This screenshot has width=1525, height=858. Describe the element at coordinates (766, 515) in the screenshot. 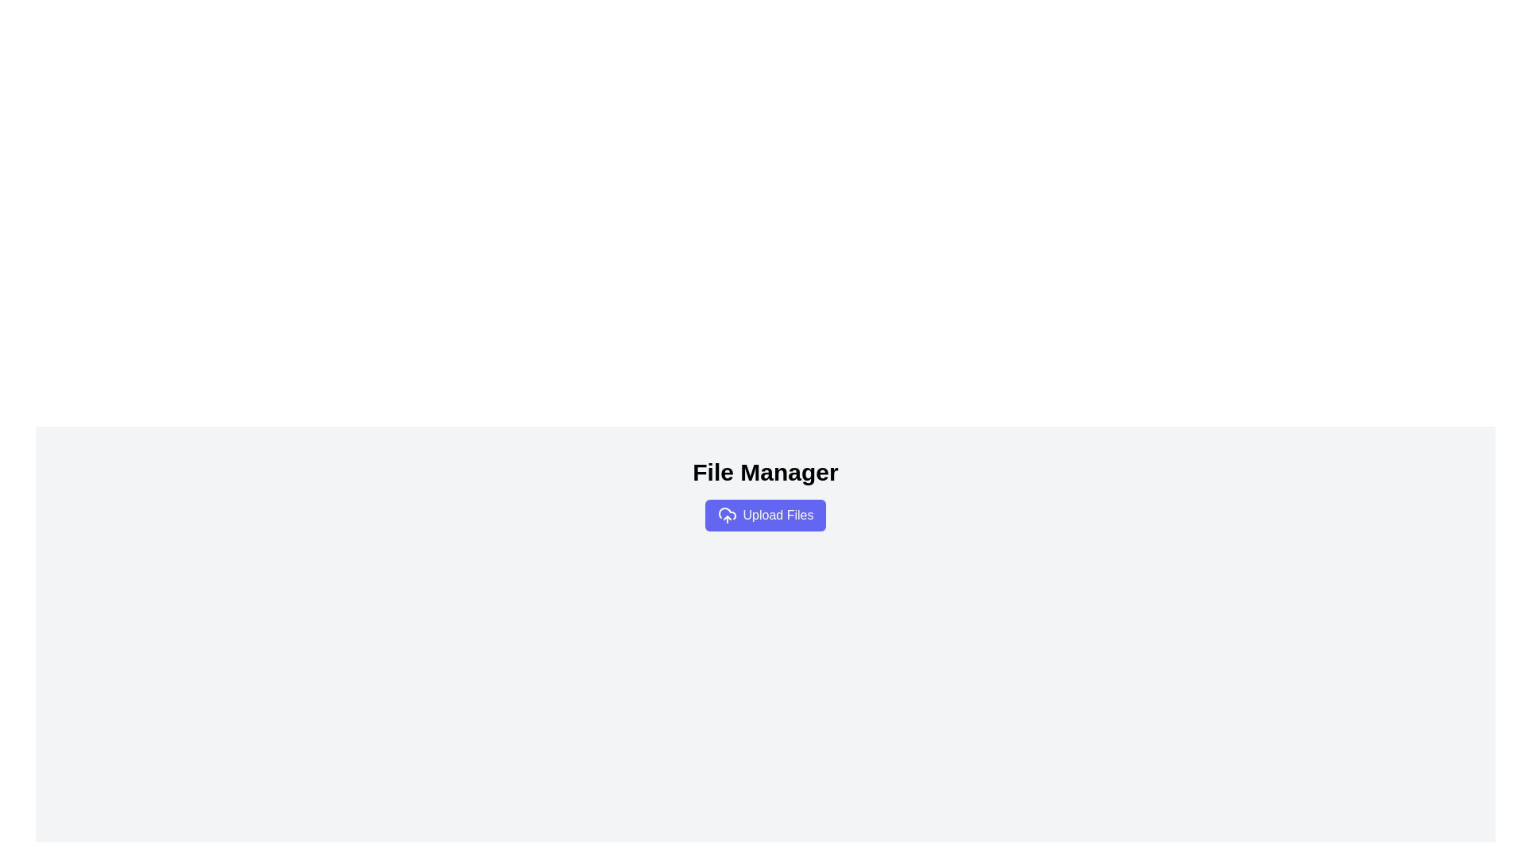

I see `the 'Upload Files' button` at that location.